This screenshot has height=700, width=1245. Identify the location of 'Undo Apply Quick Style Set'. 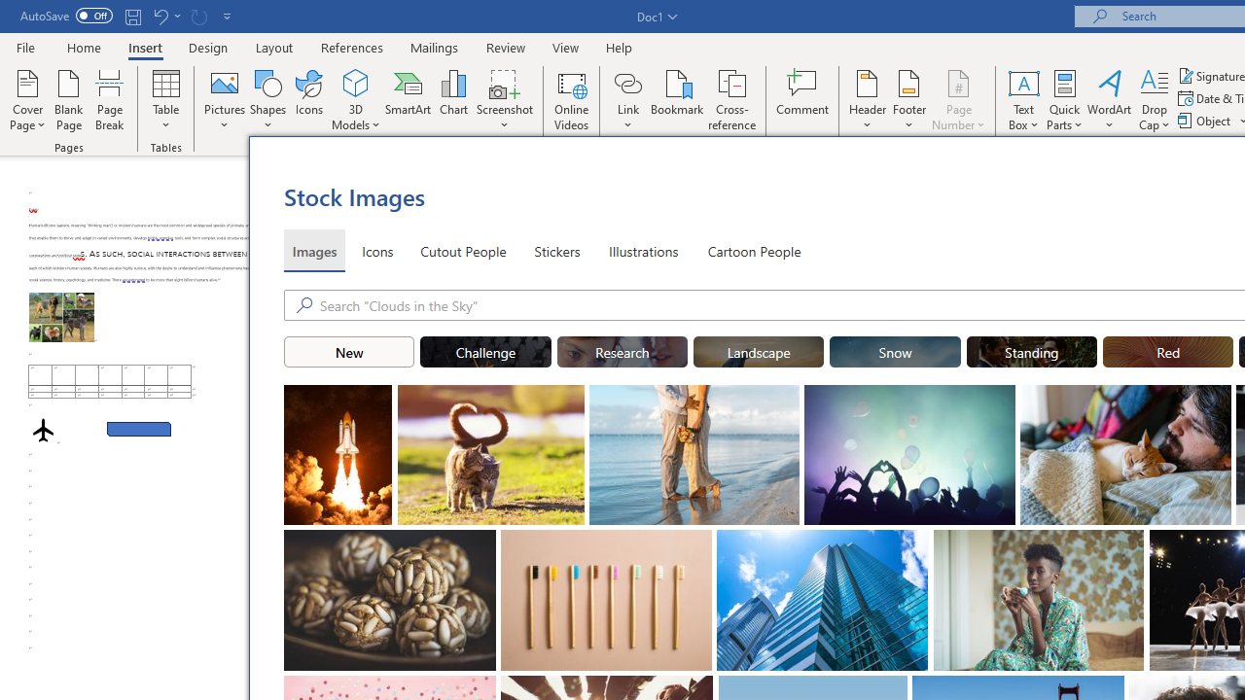
(160, 16).